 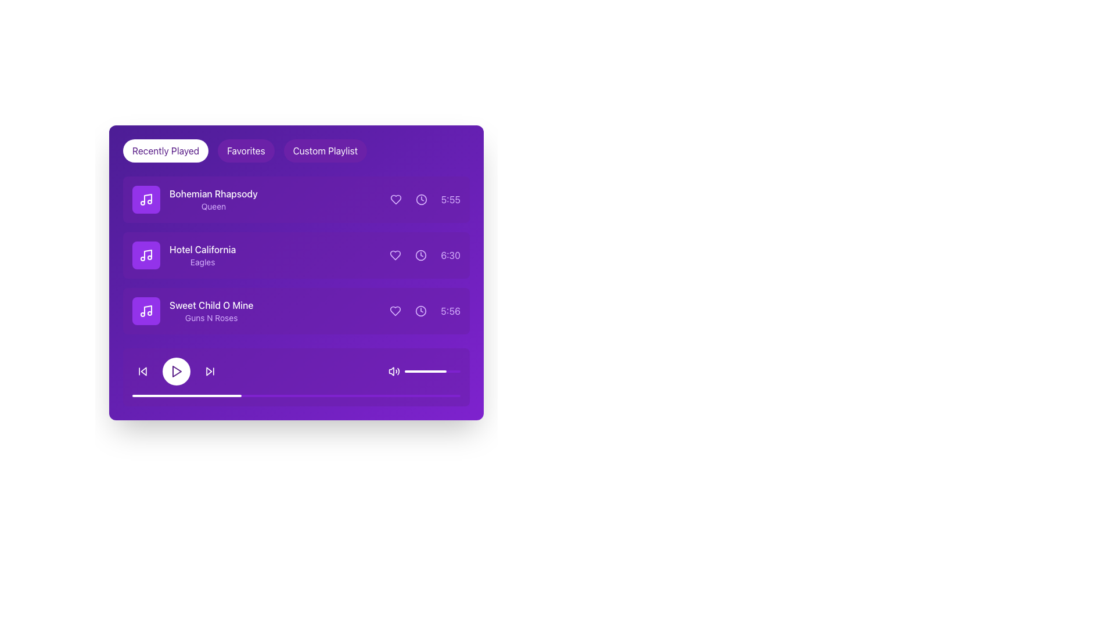 I want to click on the text label displaying the word 'Queen' in a purple shade, positioned directly below 'Bohemian Rhapsody' in the song list, so click(x=213, y=206).